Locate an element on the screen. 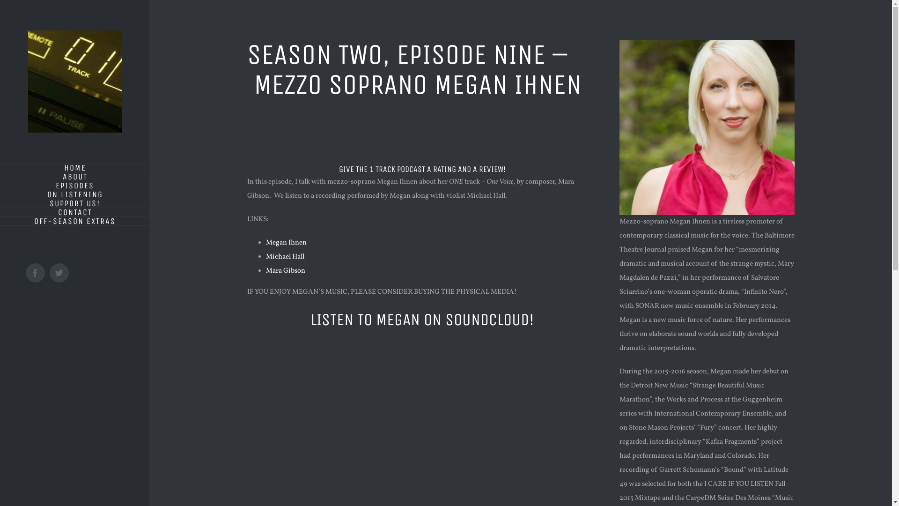 This screenshot has height=506, width=899. 'Megan_Ihnen' is located at coordinates (619, 127).